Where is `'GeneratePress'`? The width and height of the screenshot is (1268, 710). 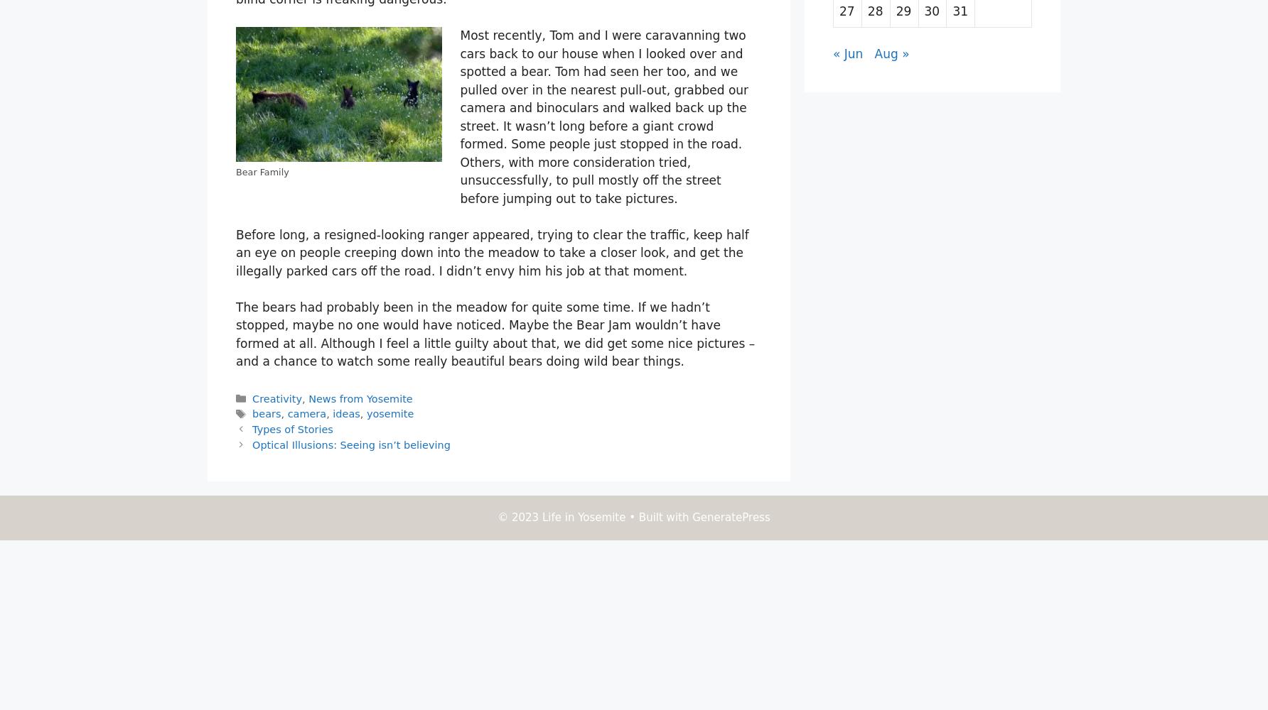 'GeneratePress' is located at coordinates (692, 517).